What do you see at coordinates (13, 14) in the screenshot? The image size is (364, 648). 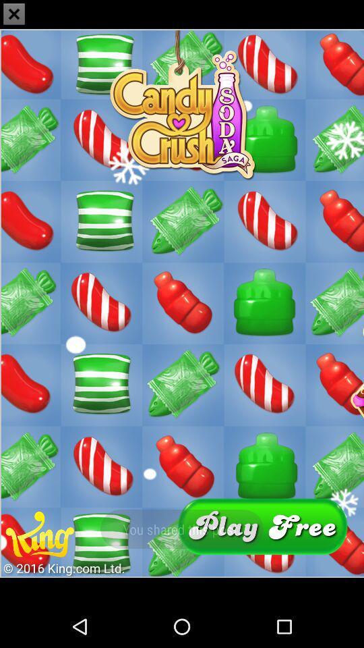 I see `the close icon` at bounding box center [13, 14].